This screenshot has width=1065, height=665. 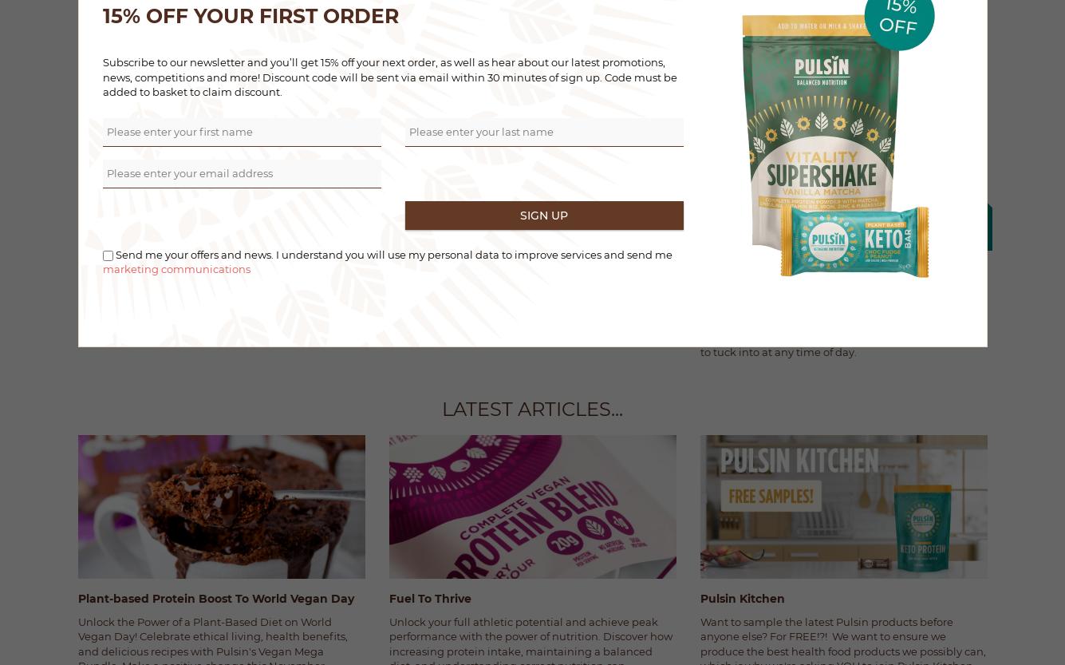 What do you see at coordinates (647, 20) in the screenshot?
I see `'View Details'` at bounding box center [647, 20].